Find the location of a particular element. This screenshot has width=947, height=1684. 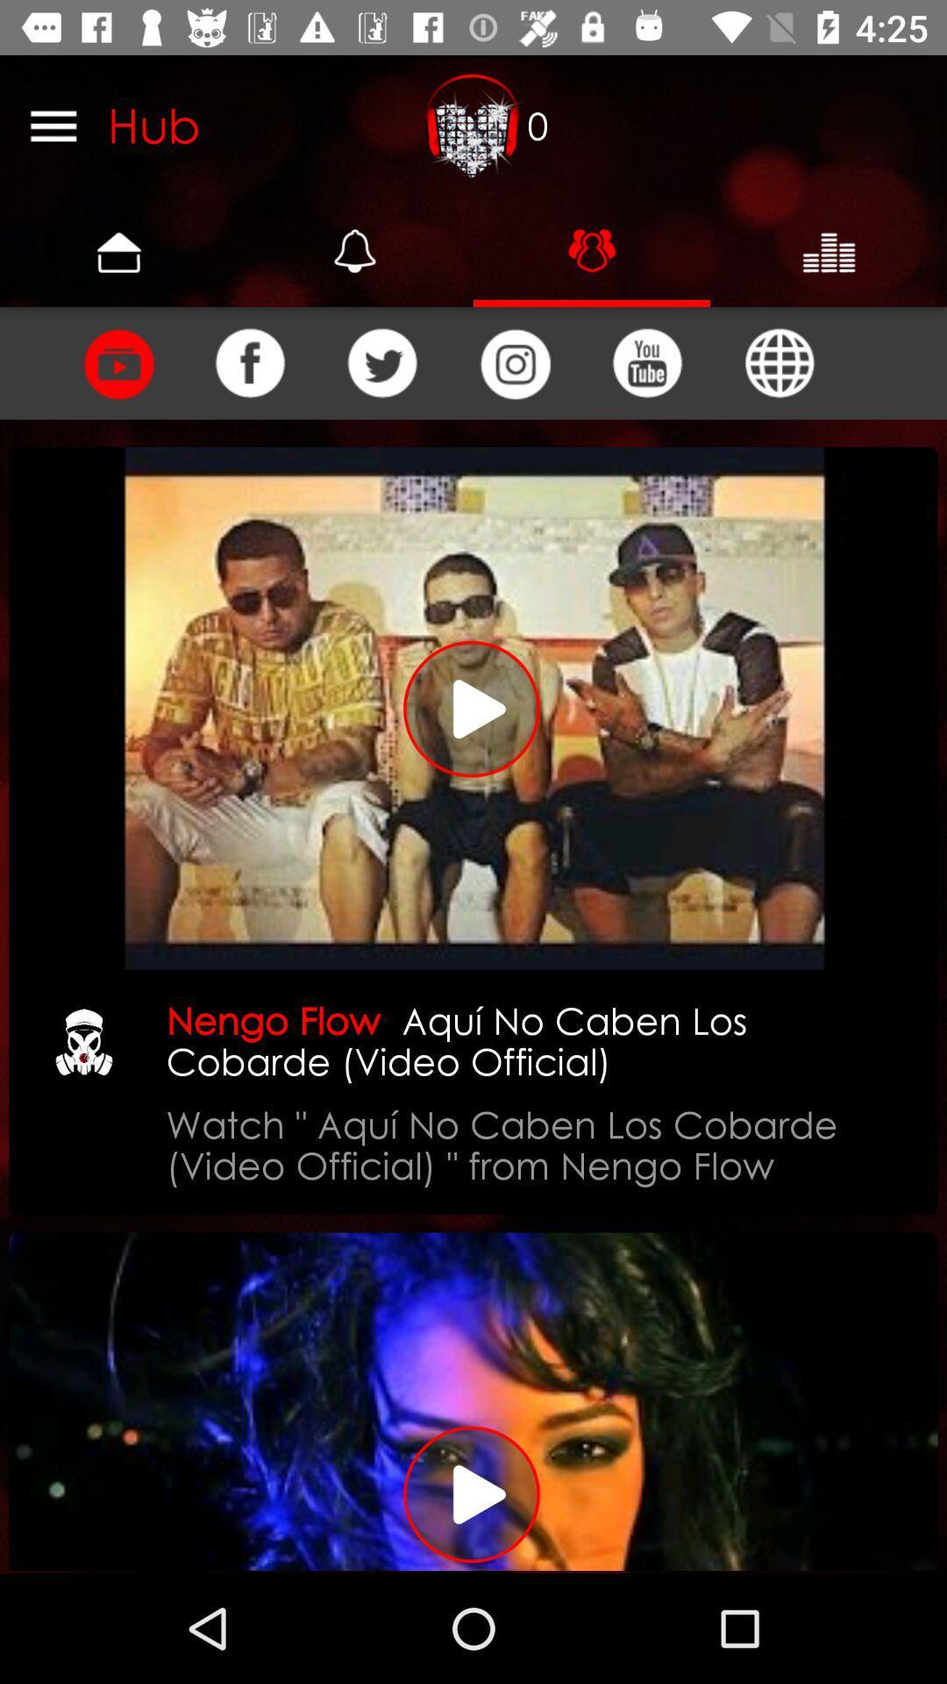

item to the left of the hub icon is located at coordinates (53, 125).